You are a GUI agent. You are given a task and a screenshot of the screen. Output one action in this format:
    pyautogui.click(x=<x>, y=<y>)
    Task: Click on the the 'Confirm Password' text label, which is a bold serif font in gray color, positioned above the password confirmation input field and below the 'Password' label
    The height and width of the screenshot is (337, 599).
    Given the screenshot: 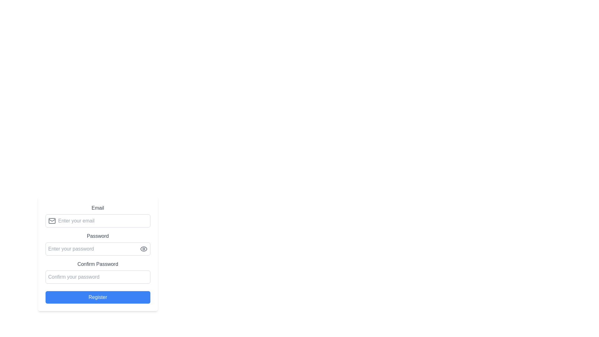 What is the action you would take?
    pyautogui.click(x=97, y=264)
    